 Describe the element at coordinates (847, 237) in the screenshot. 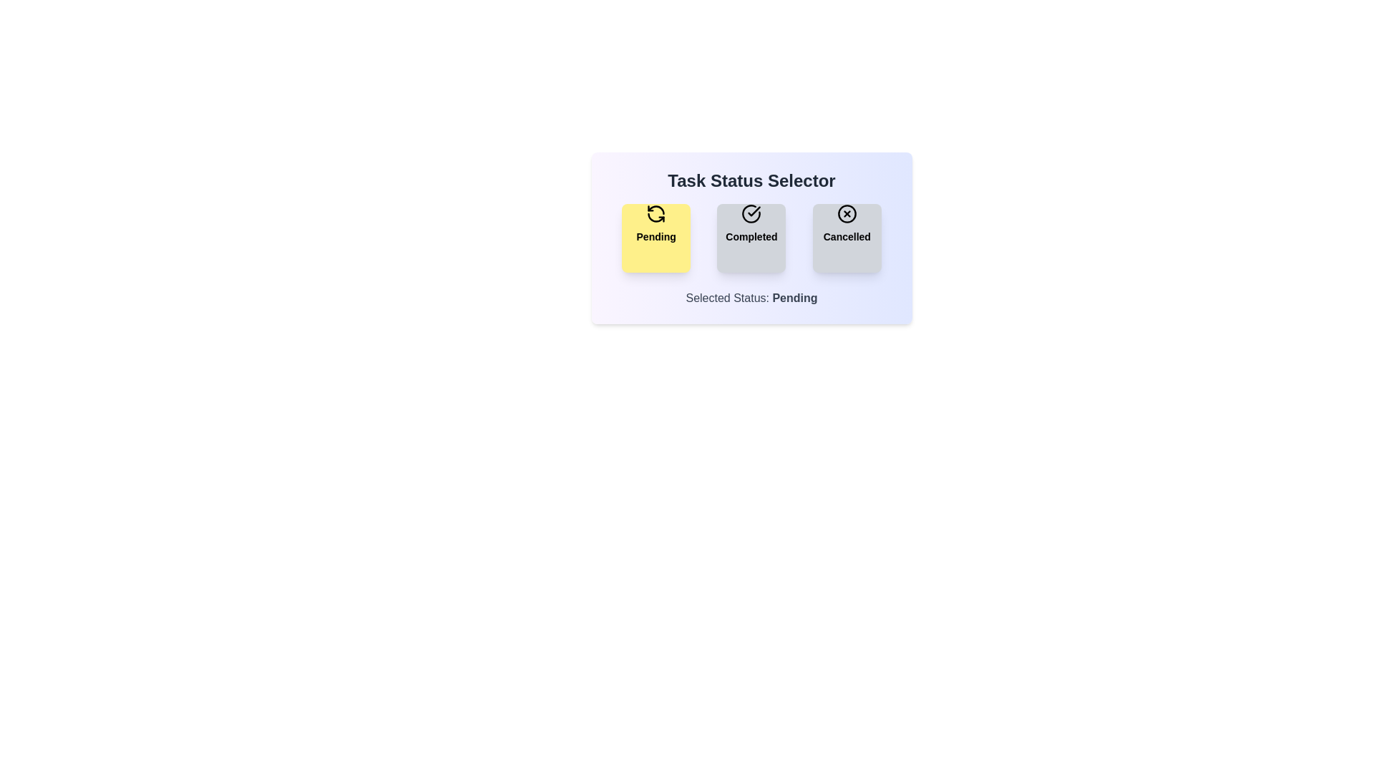

I see `the 'Cancelled' button to activate it` at that location.